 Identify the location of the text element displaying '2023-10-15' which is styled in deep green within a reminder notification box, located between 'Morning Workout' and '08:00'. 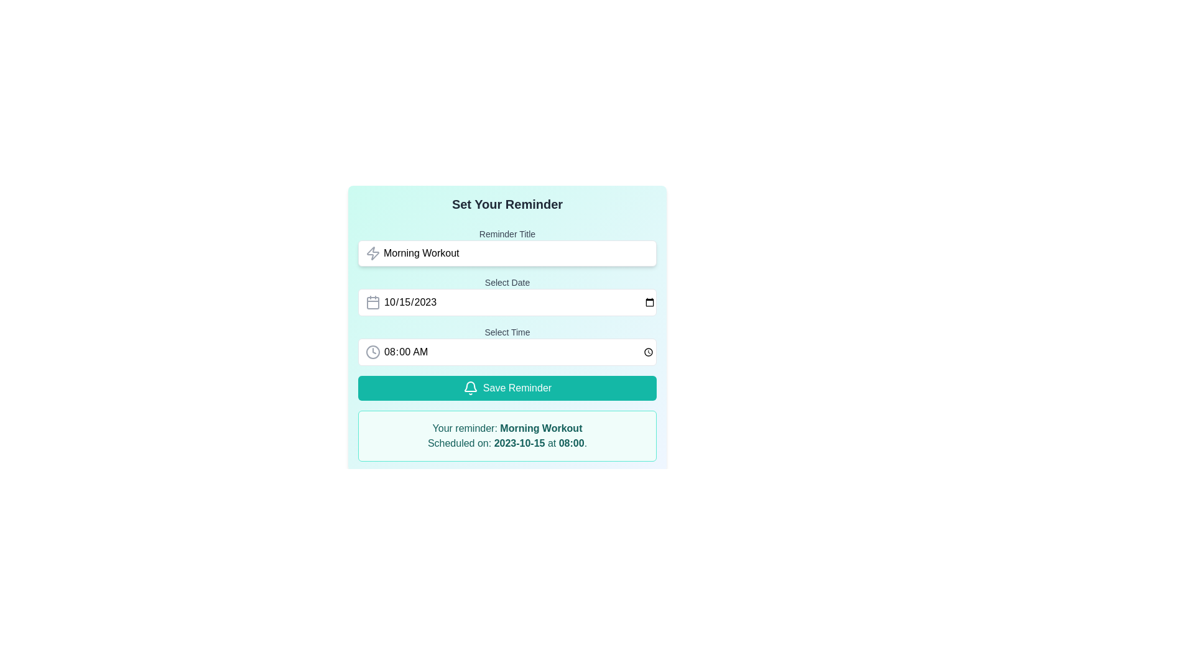
(519, 442).